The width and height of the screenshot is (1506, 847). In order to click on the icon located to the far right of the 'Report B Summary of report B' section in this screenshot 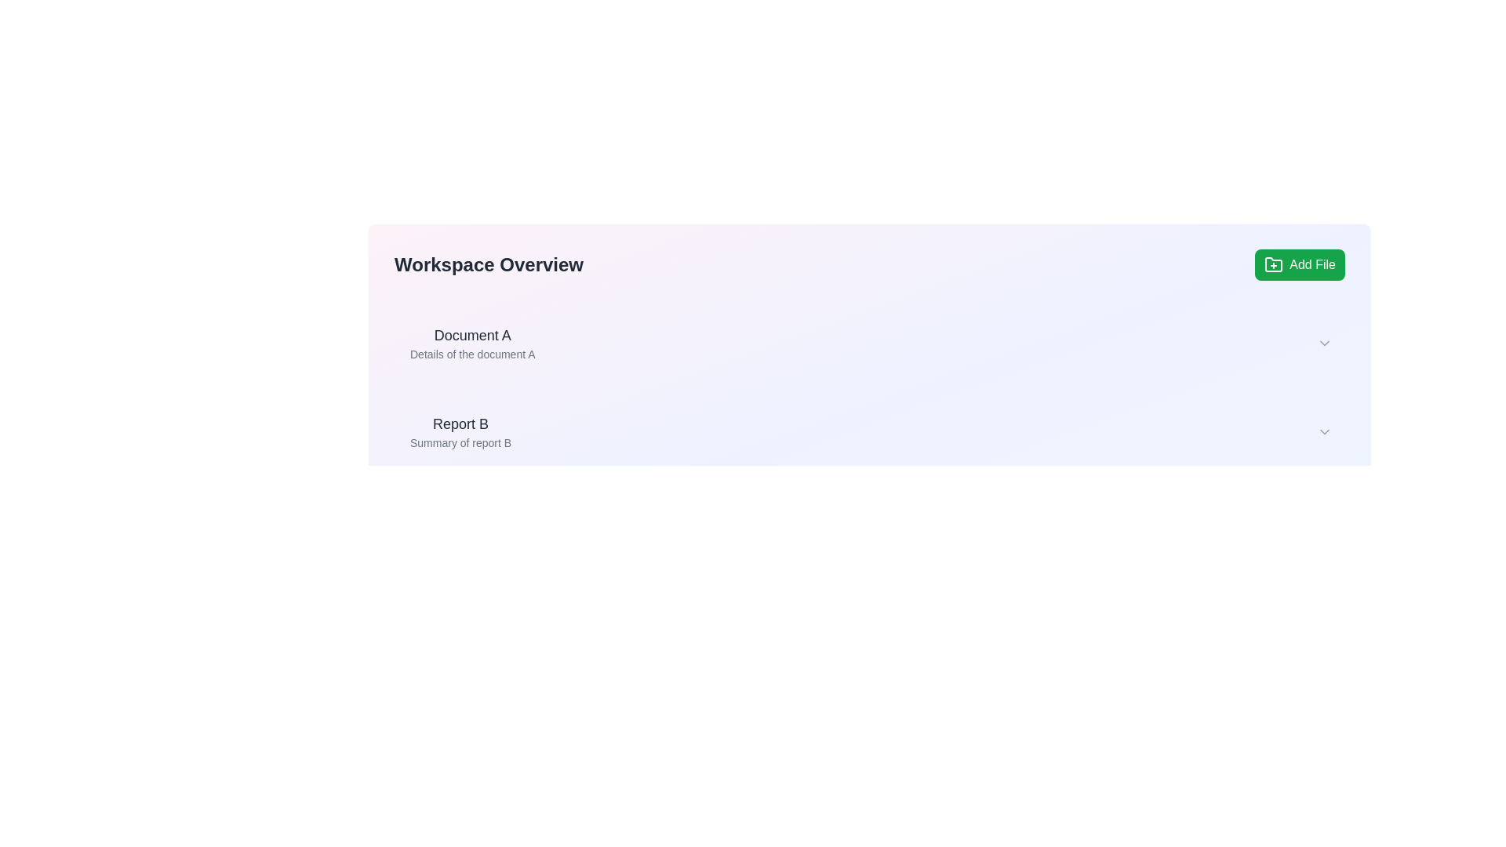, I will do `click(1324, 432)`.